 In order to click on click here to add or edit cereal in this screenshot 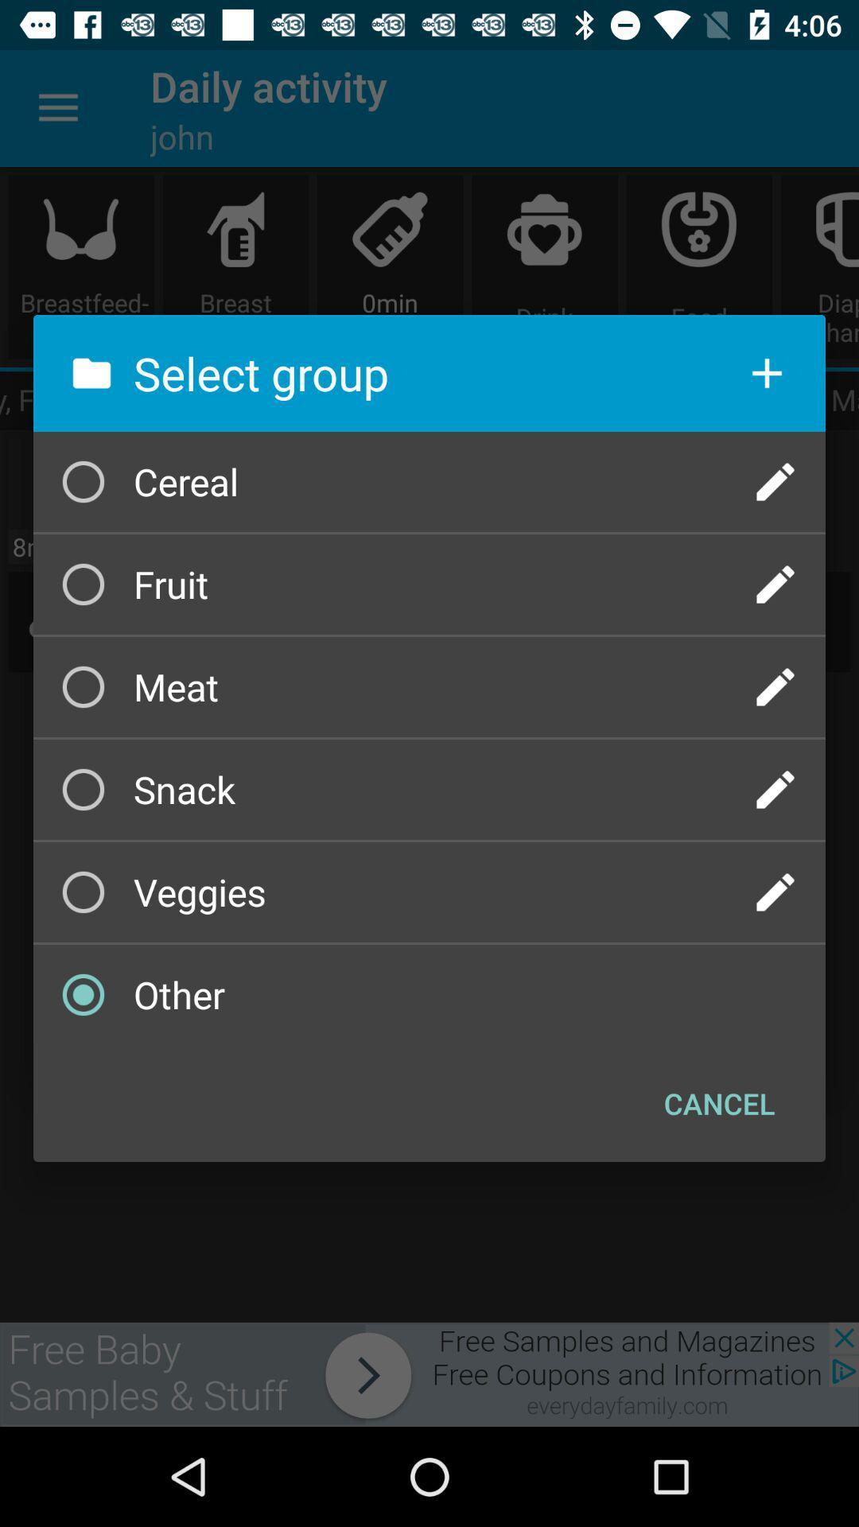, I will do `click(775, 480)`.